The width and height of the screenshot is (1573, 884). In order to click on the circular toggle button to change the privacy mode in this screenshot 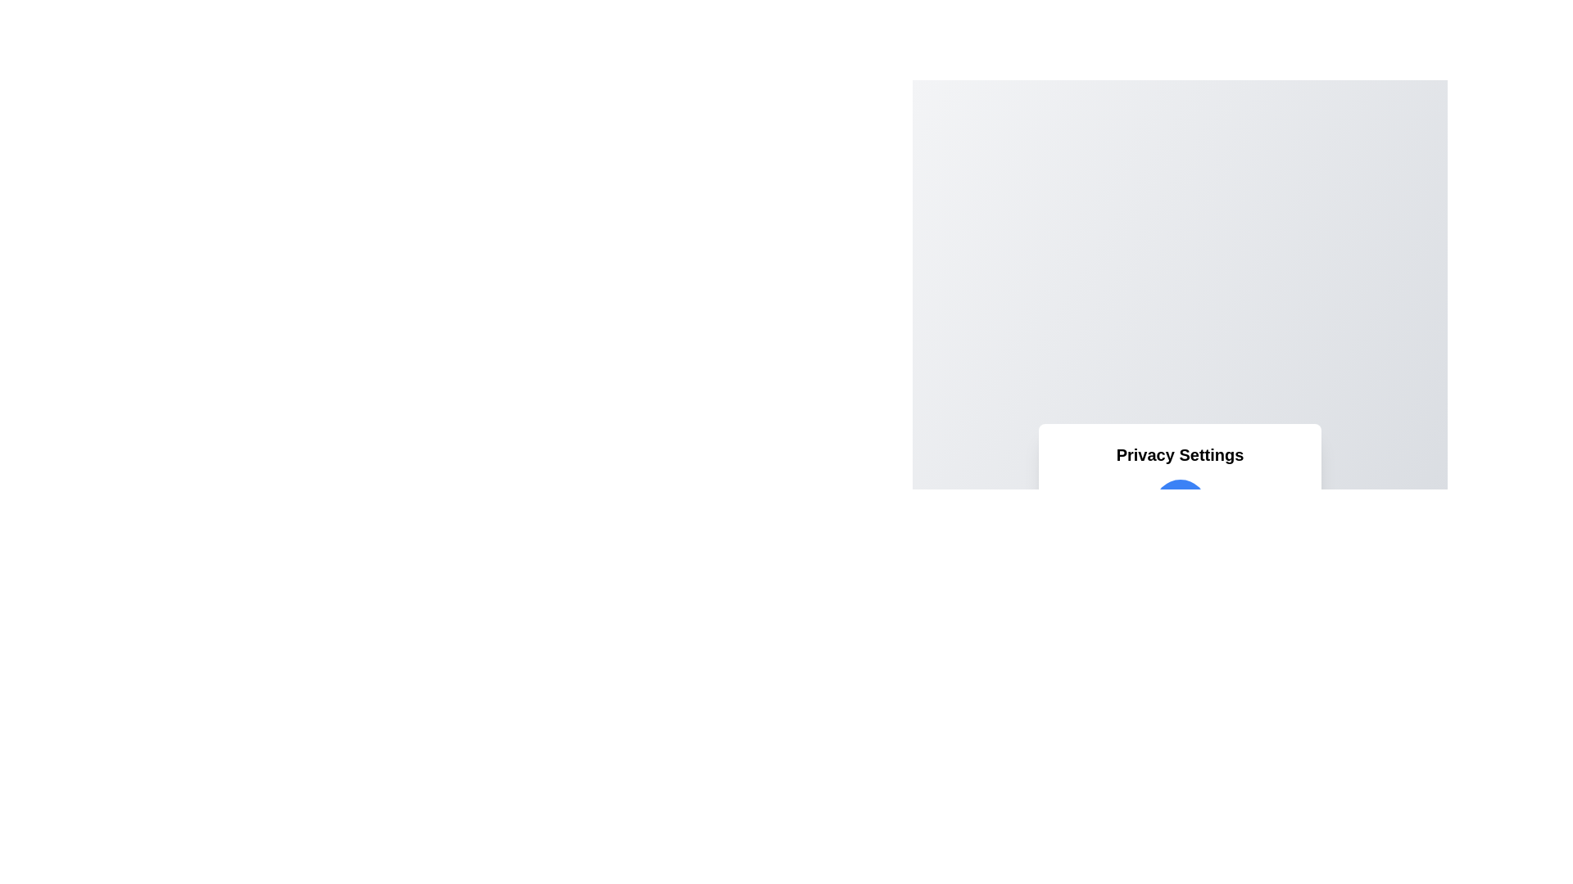, I will do `click(1180, 504)`.